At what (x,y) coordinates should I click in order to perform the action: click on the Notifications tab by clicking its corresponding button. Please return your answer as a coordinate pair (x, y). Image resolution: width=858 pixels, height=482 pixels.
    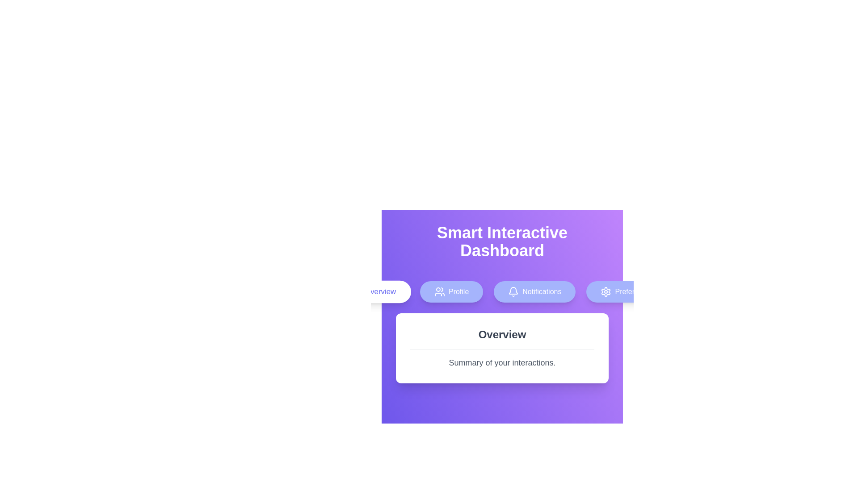
    Looking at the image, I should click on (534, 292).